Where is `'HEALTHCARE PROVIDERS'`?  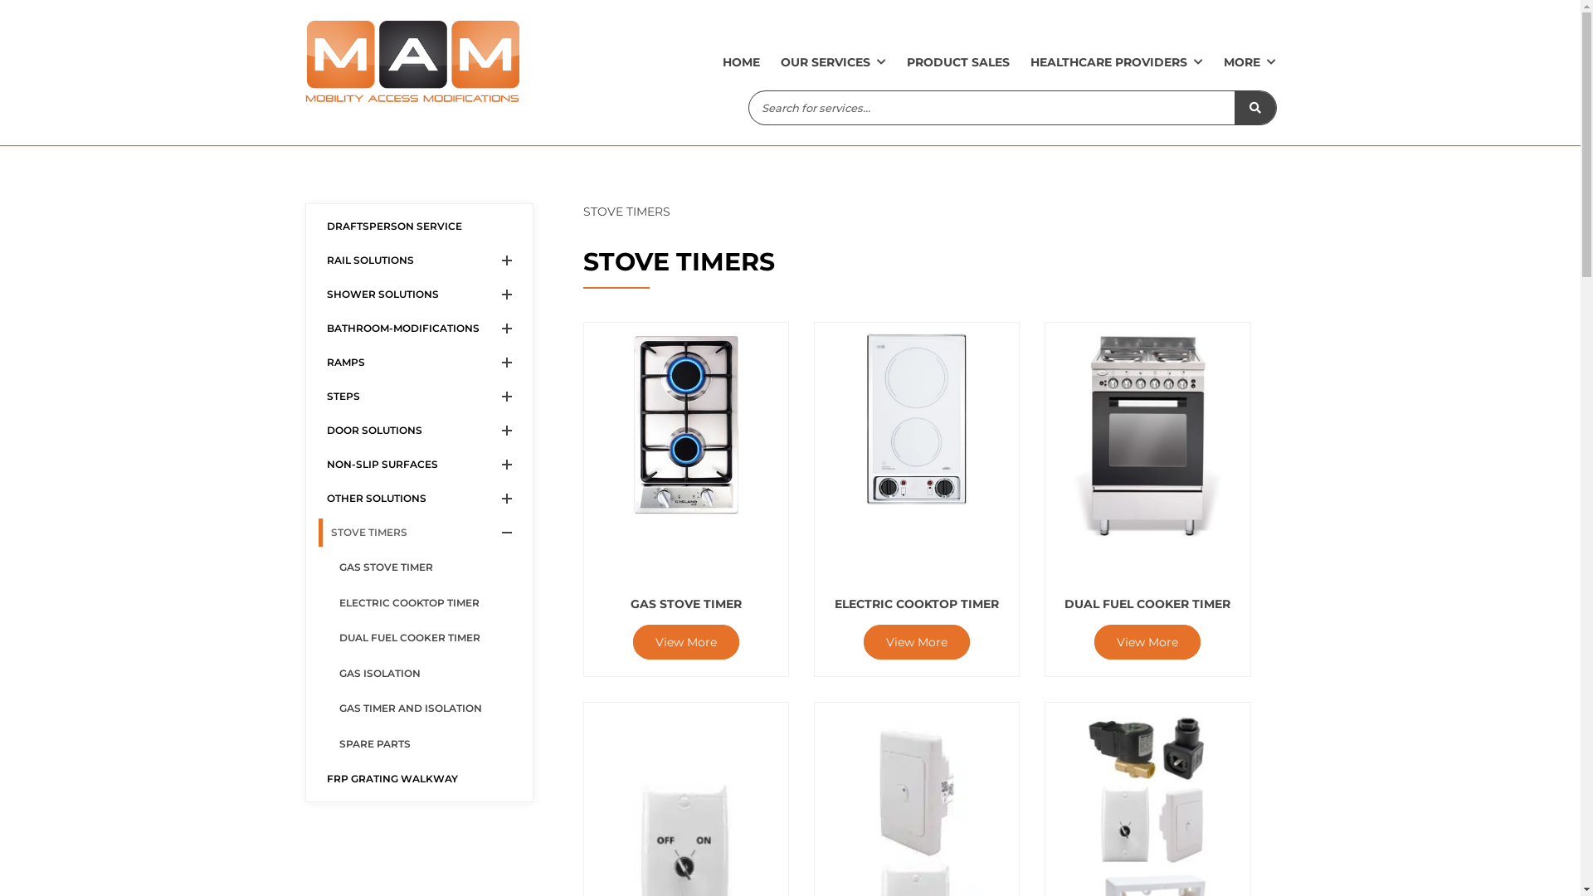 'HEALTHCARE PROVIDERS' is located at coordinates (1108, 61).